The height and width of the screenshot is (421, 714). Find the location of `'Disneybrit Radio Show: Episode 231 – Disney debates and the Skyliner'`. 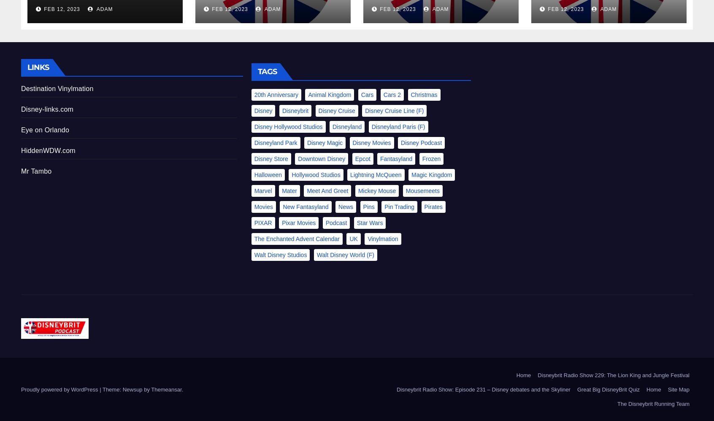

'Disneybrit Radio Show: Episode 231 – Disney debates and the Skyliner' is located at coordinates (482, 389).